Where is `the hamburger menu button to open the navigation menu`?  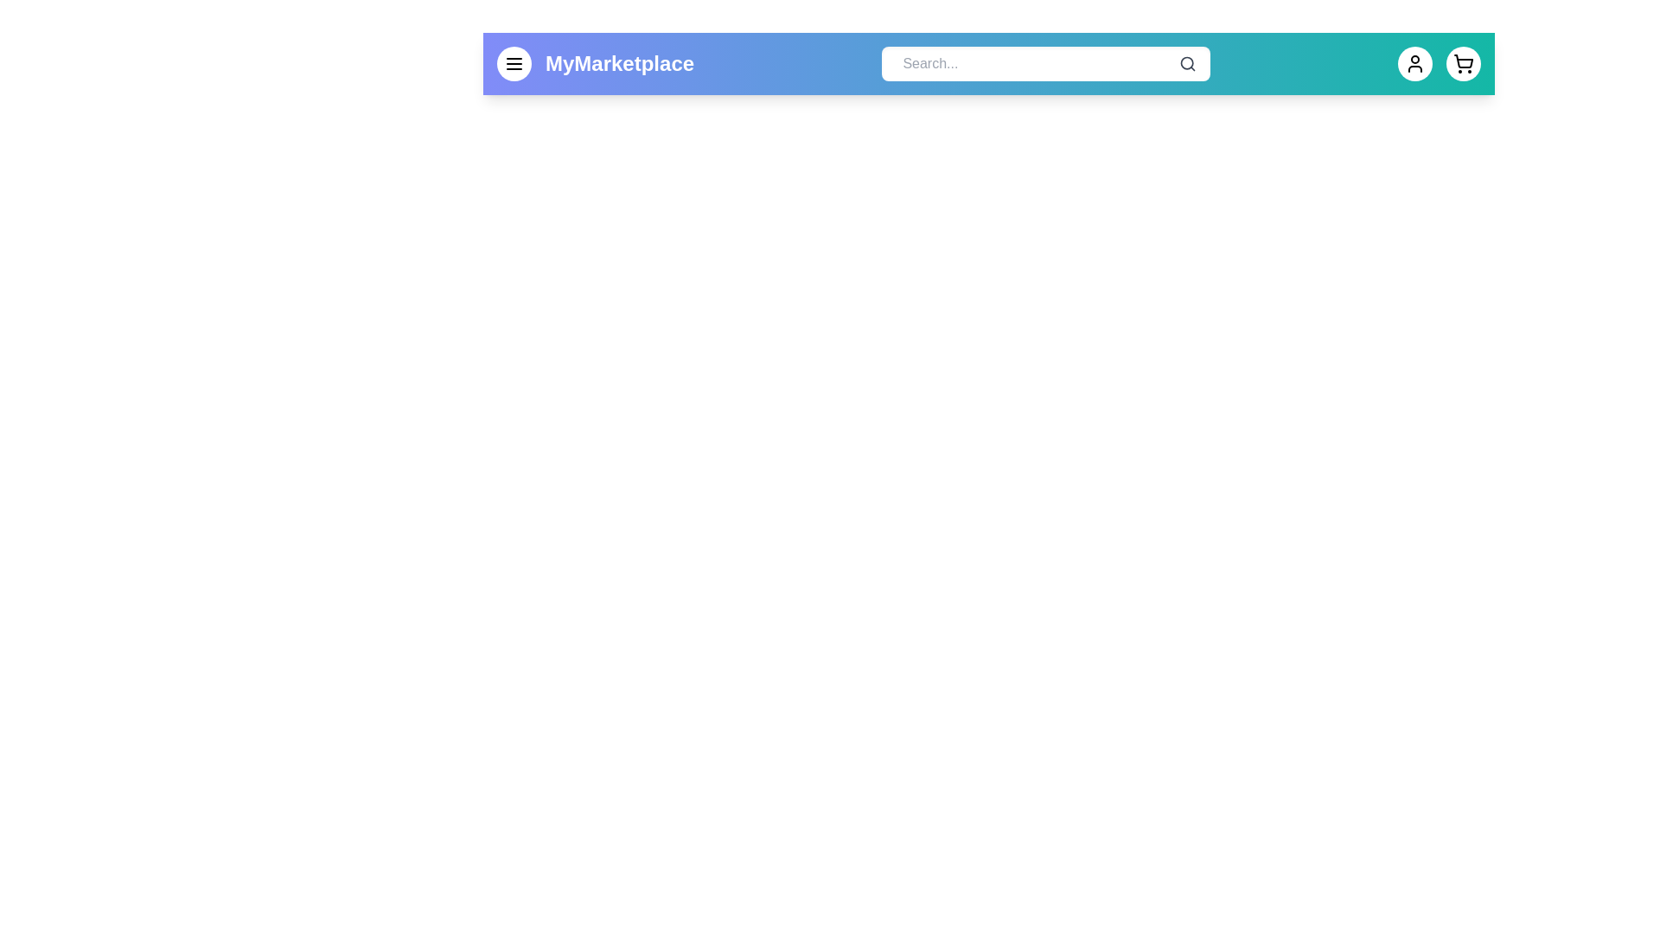 the hamburger menu button to open the navigation menu is located at coordinates (514, 62).